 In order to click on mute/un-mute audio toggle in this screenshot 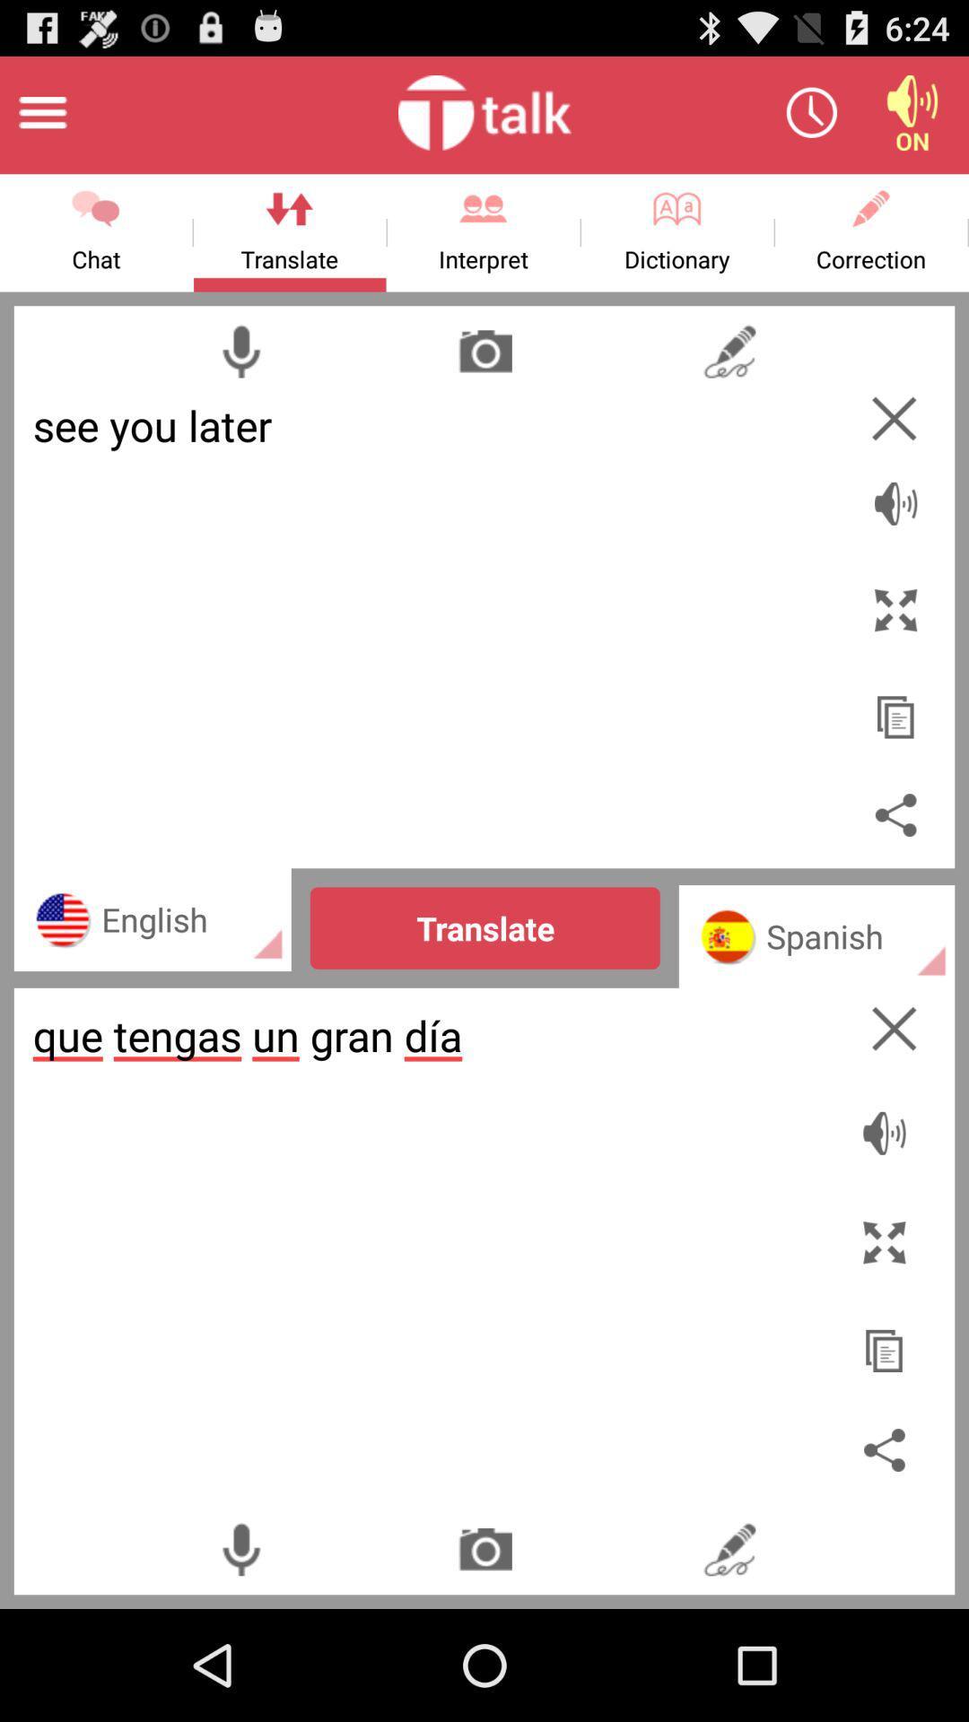, I will do `click(888, 1123)`.